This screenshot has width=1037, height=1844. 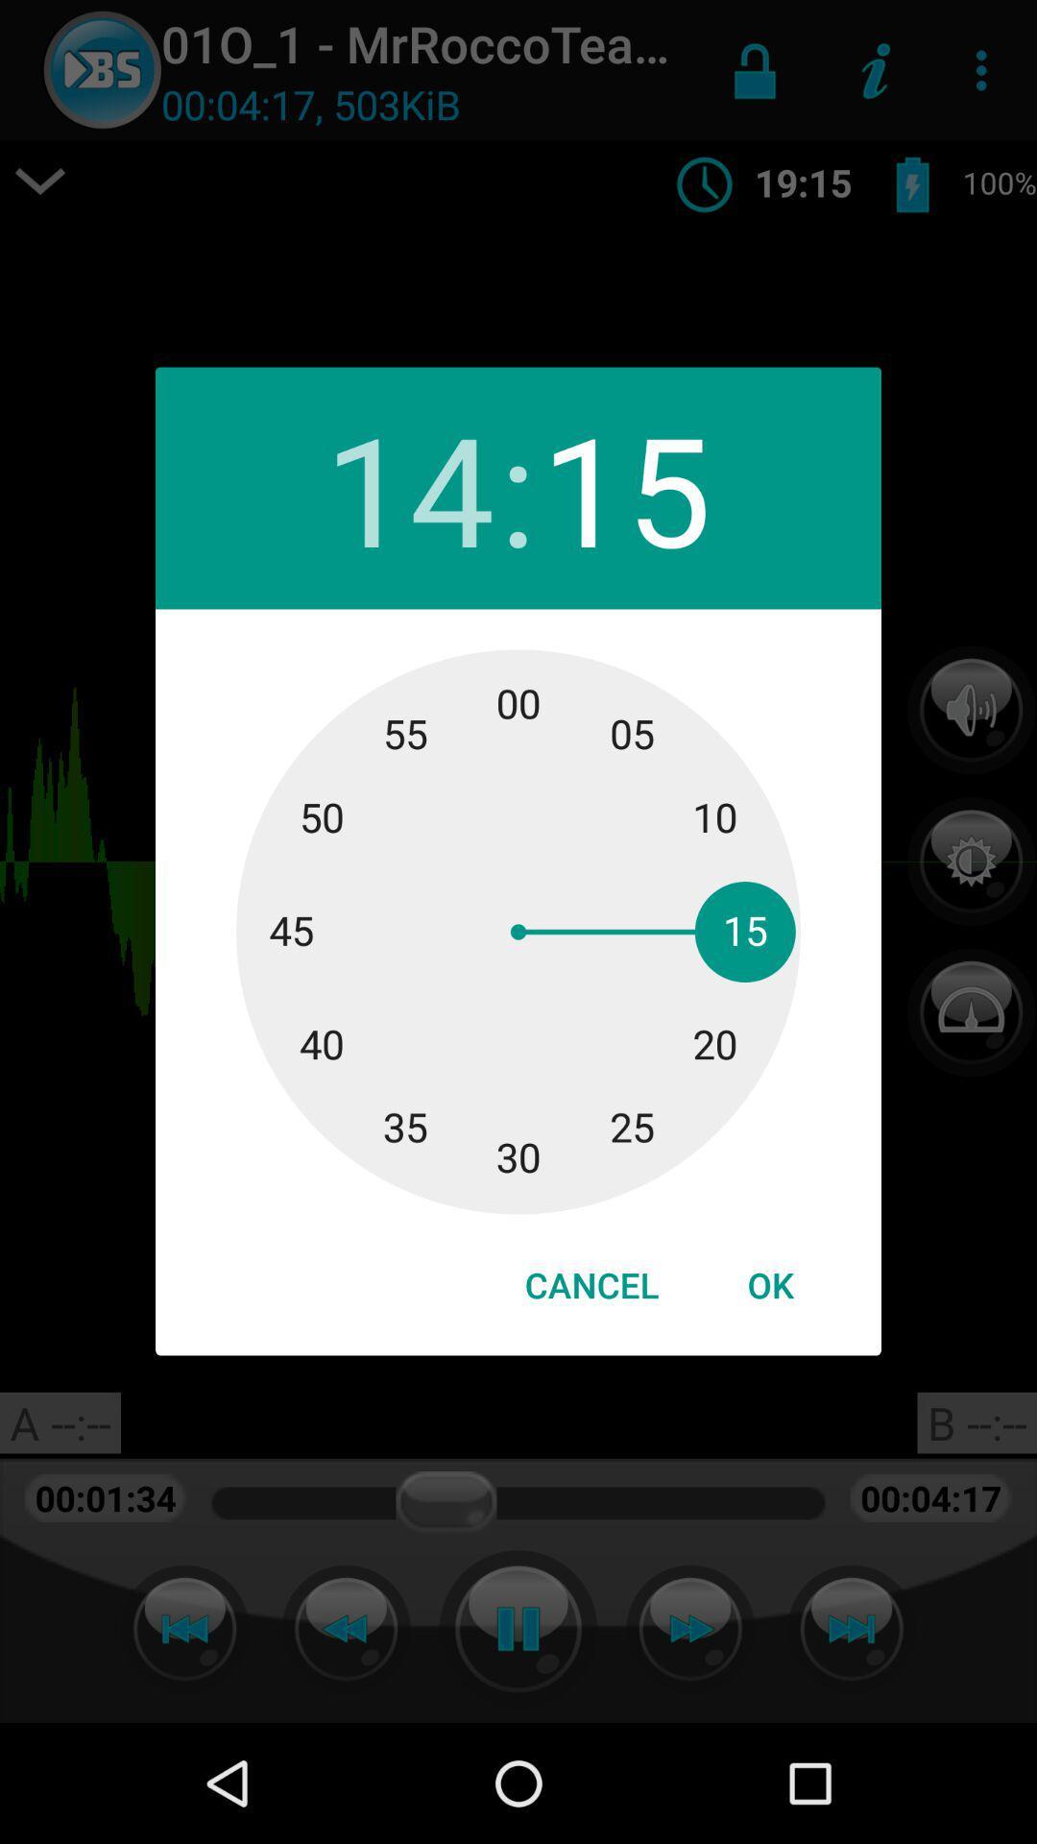 What do you see at coordinates (769, 1285) in the screenshot?
I see `ok` at bounding box center [769, 1285].